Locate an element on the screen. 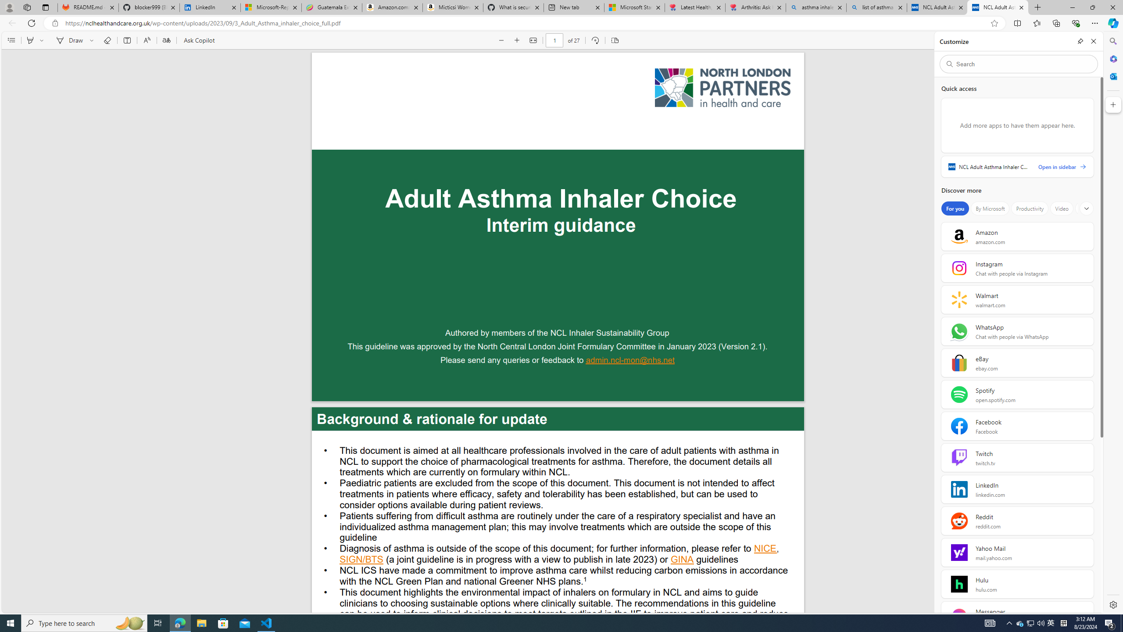 Image resolution: width=1123 pixels, height=632 pixels. 'Translate' is located at coordinates (166, 40).